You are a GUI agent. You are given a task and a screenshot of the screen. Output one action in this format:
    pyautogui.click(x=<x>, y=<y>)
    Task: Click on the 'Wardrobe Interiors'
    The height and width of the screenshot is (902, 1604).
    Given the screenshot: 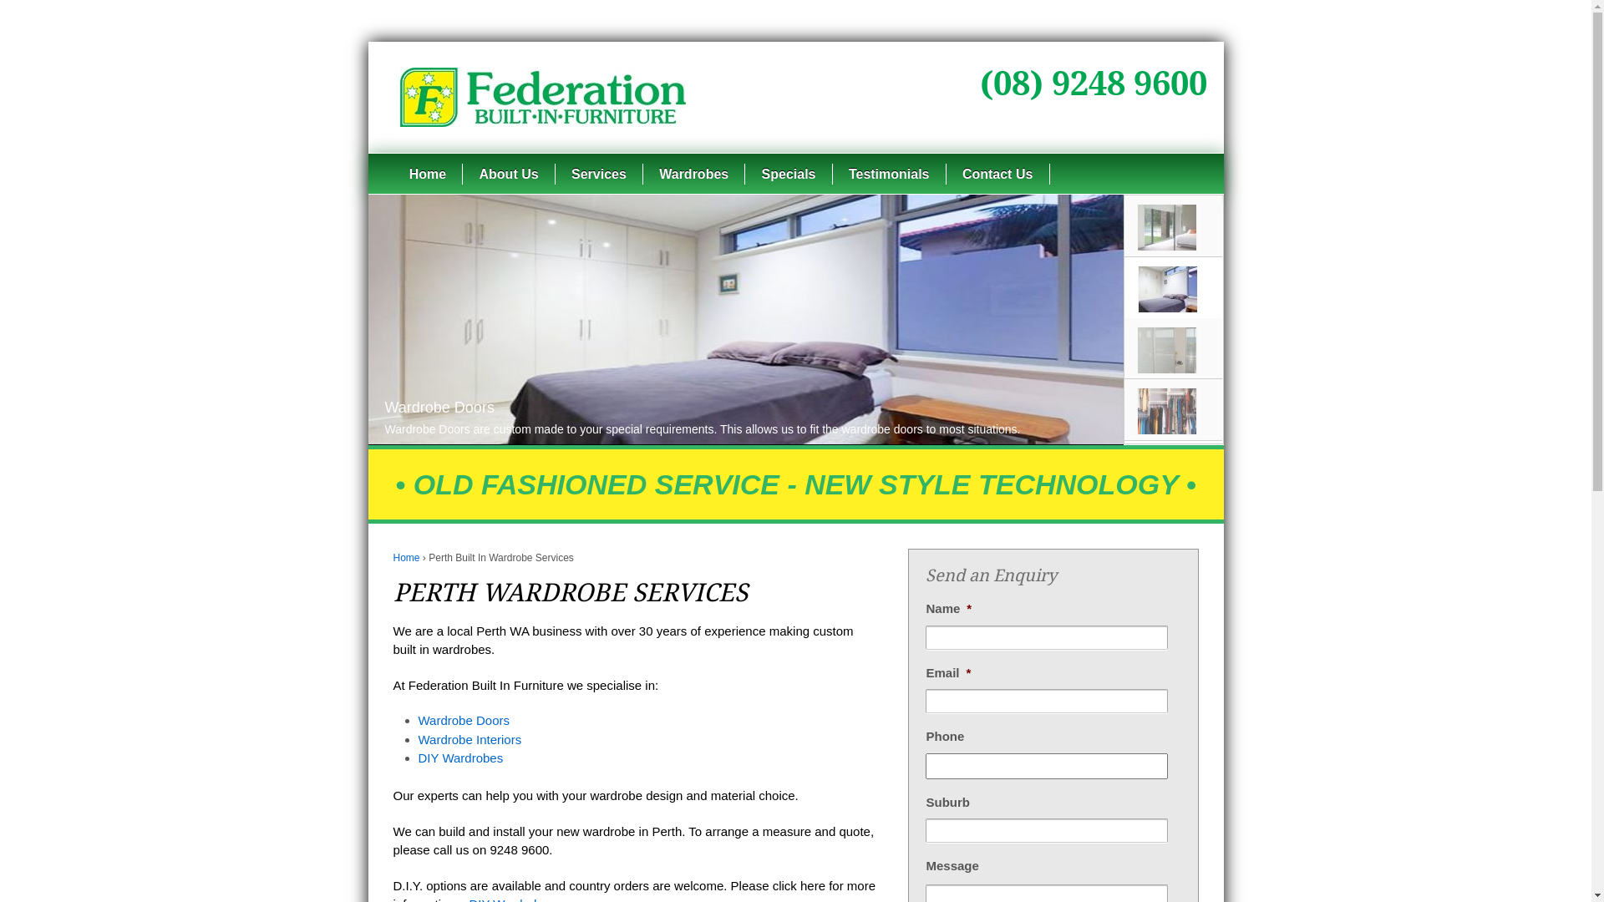 What is the action you would take?
    pyautogui.click(x=468, y=737)
    